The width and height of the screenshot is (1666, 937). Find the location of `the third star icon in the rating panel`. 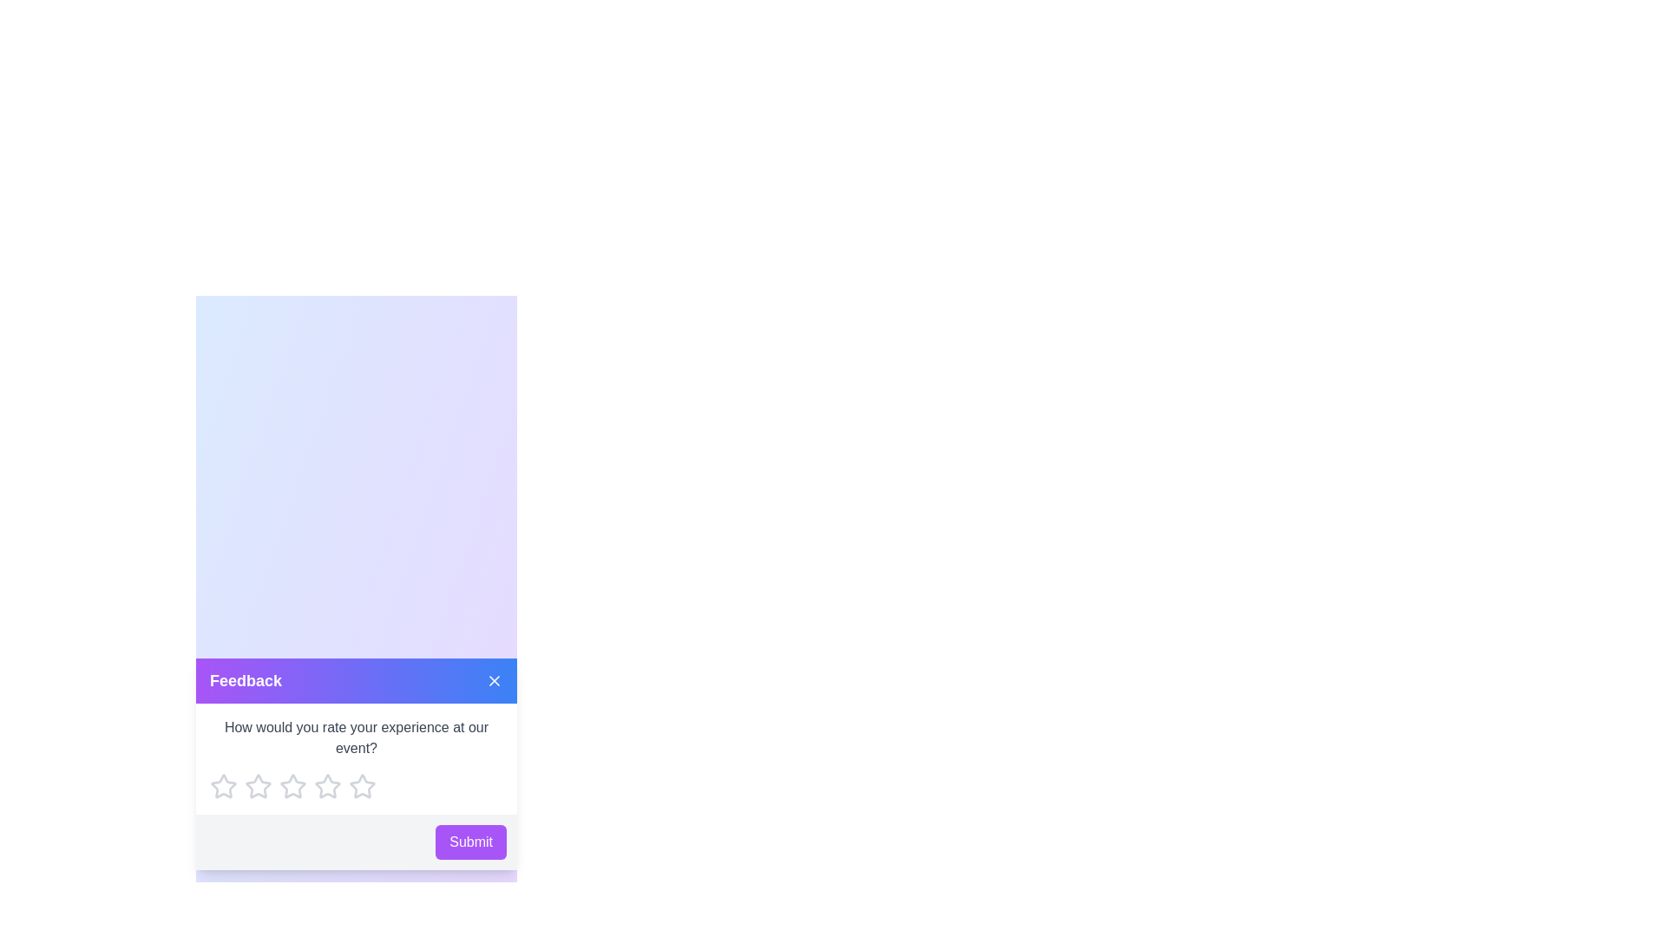

the third star icon in the rating panel is located at coordinates (328, 786).